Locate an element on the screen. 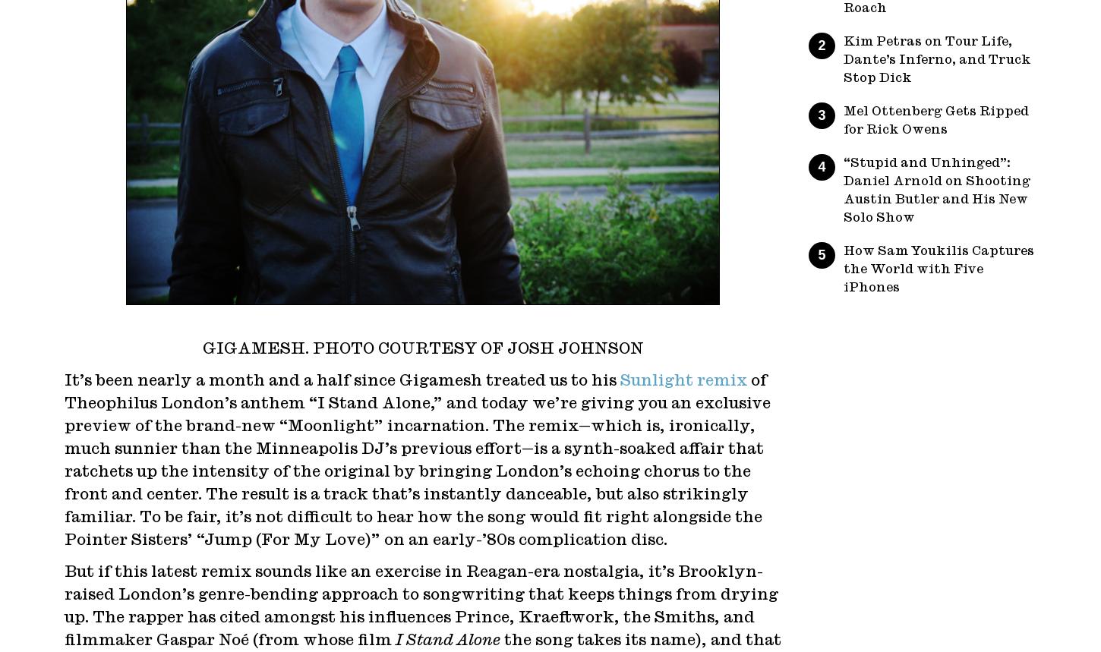  '“Stupid and Unhinged”: Daniel Arnold on Shooting Austin Butler and His New Solo Show' is located at coordinates (936, 189).